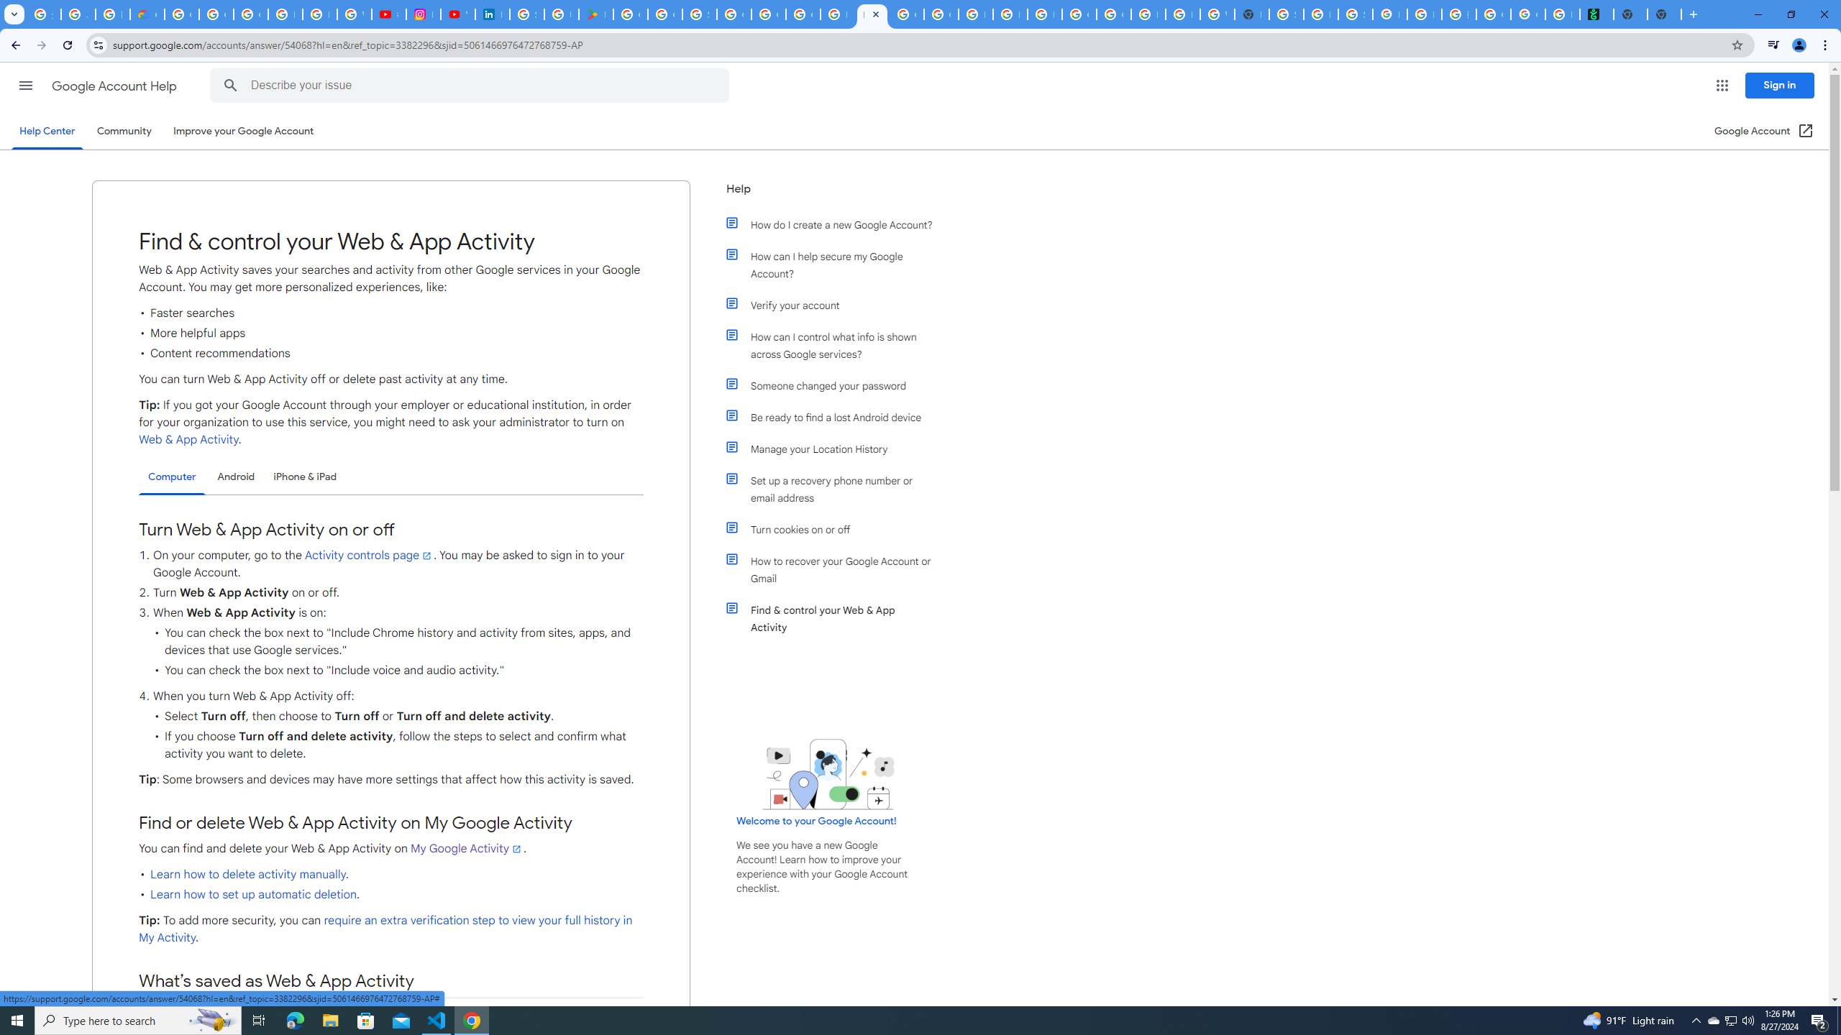  What do you see at coordinates (115, 86) in the screenshot?
I see `'Google Account Help'` at bounding box center [115, 86].